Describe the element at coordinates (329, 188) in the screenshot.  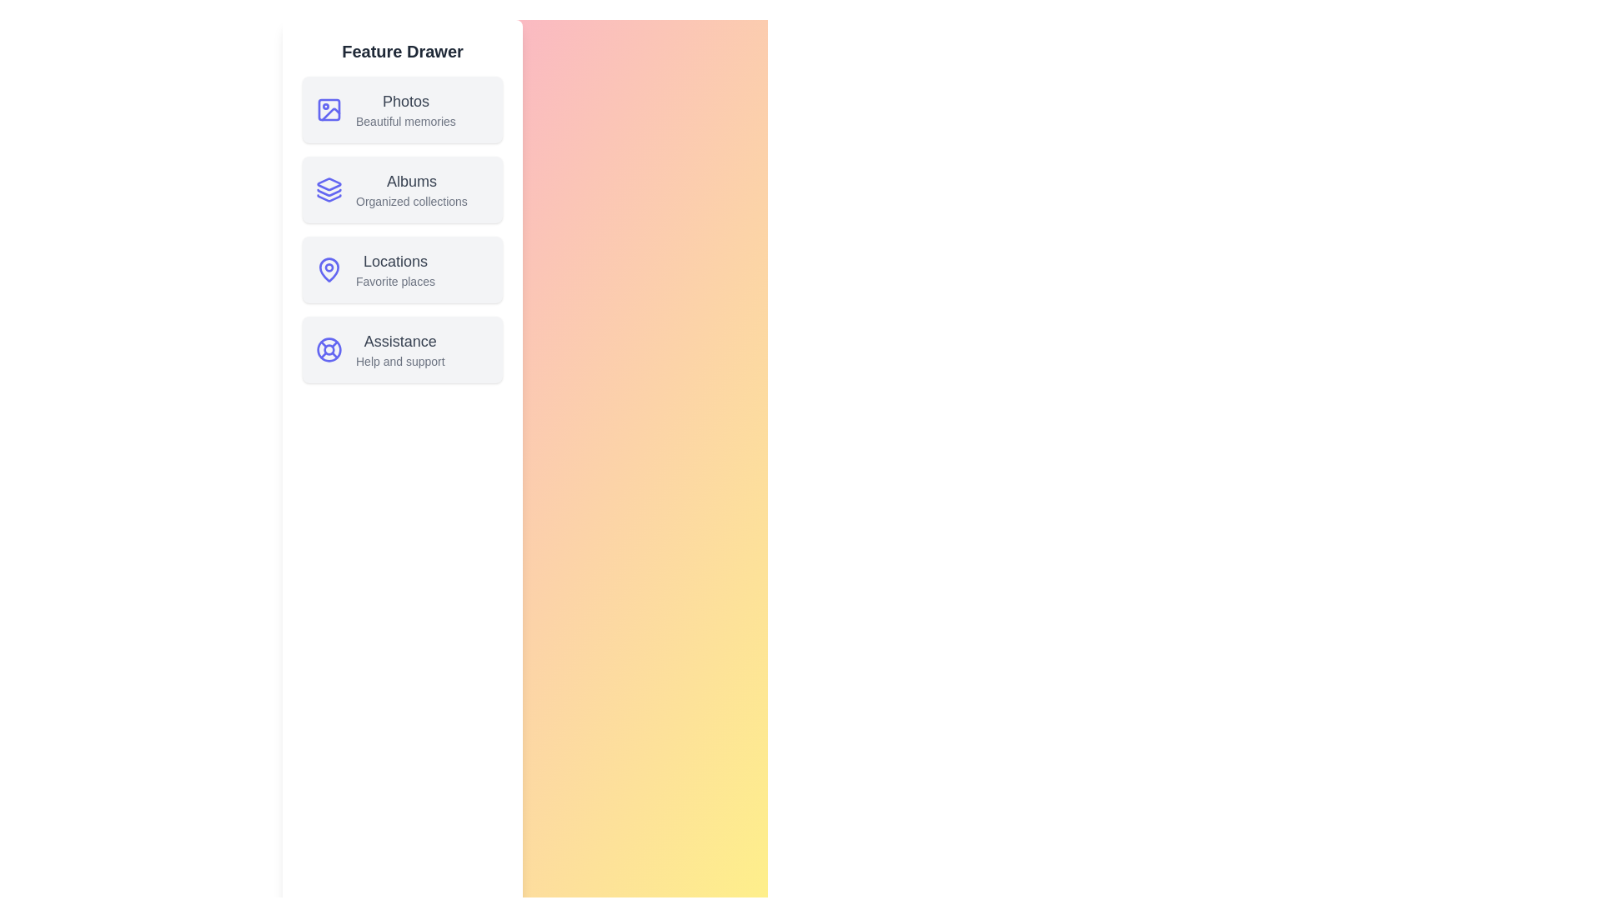
I see `the icon for Albums` at that location.